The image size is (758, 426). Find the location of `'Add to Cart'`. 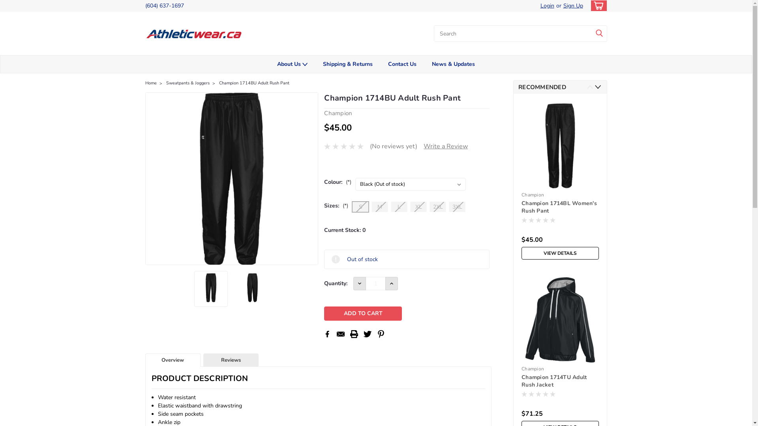

'Add to Cart' is located at coordinates (362, 313).